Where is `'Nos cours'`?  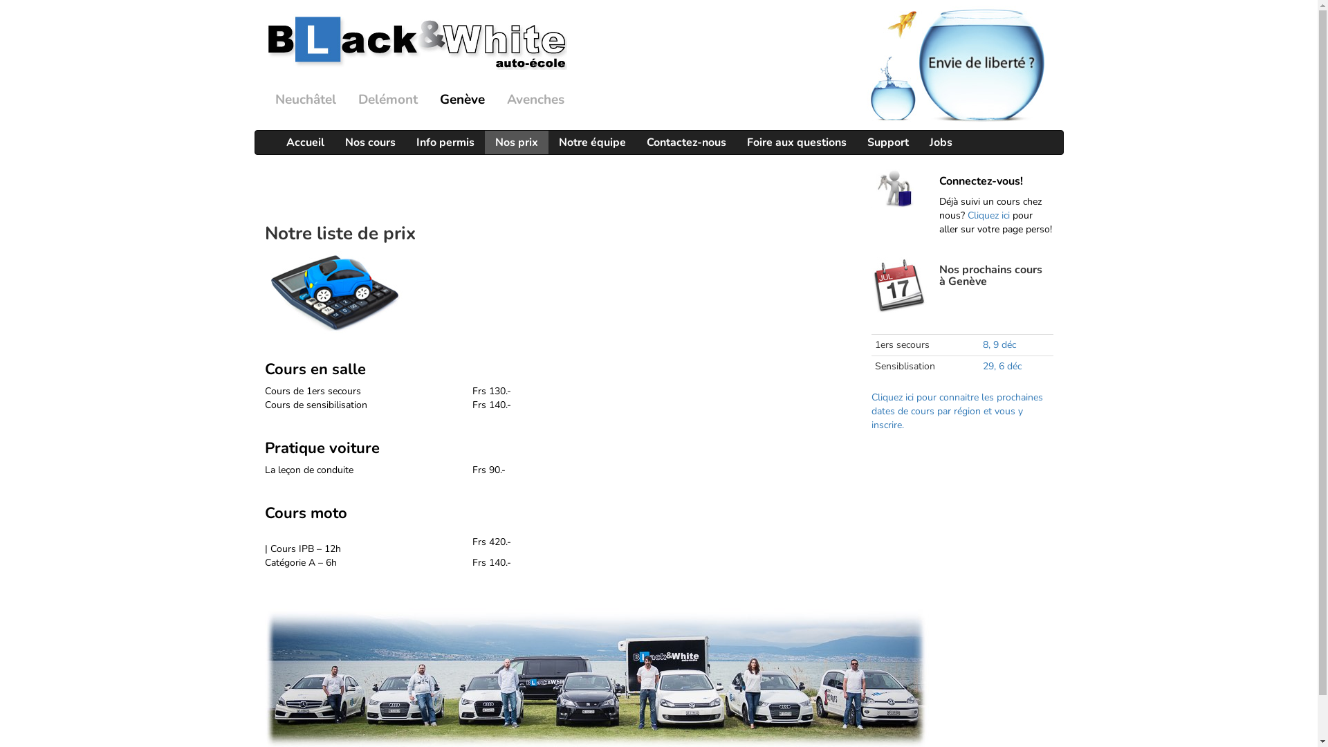
'Nos cours' is located at coordinates (370, 142).